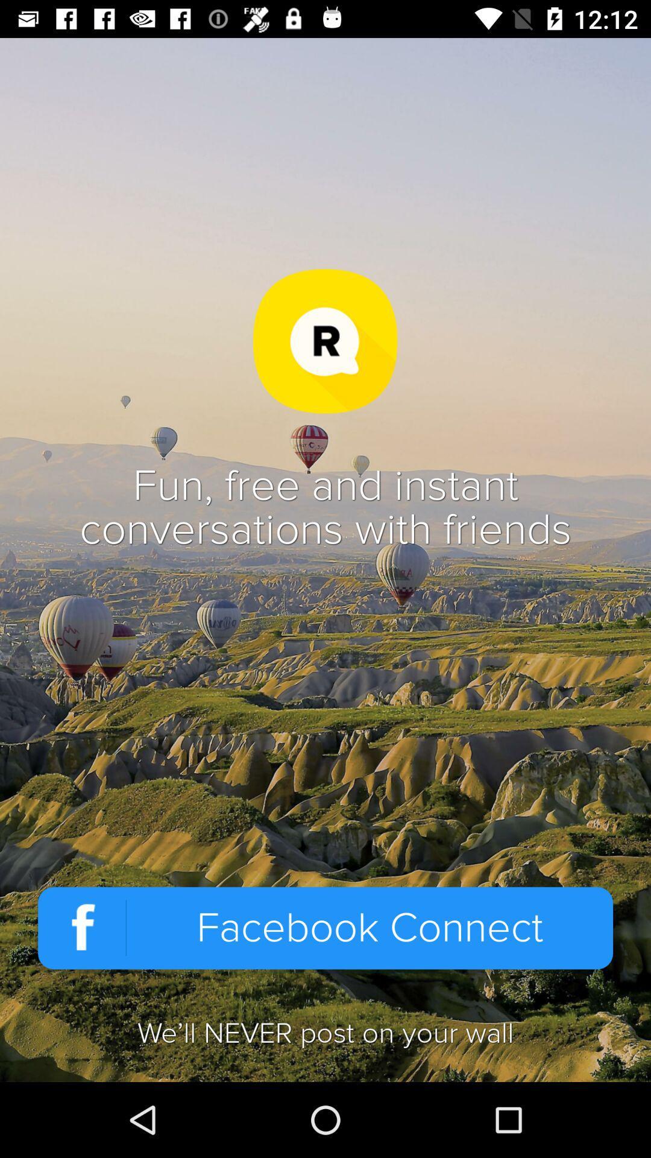 Image resolution: width=651 pixels, height=1158 pixels. I want to click on facebook connect icon, so click(325, 928).